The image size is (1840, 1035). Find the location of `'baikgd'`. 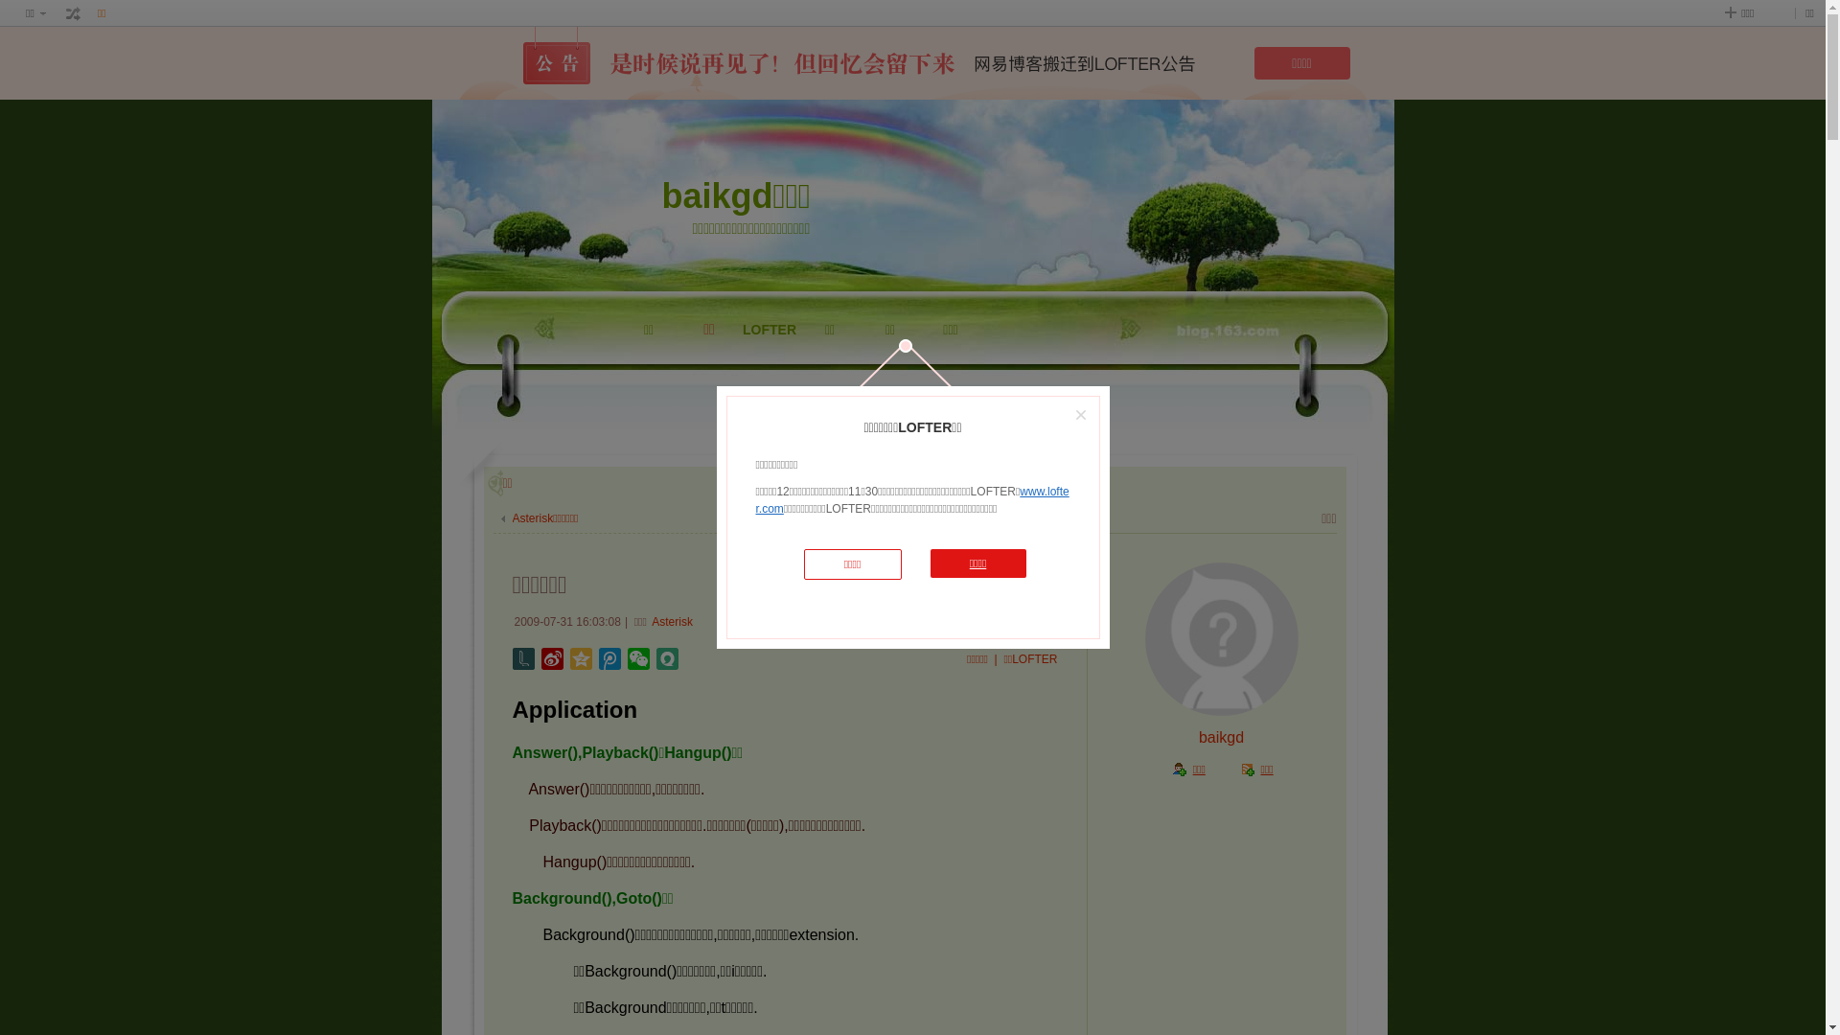

'baikgd' is located at coordinates (1220, 736).